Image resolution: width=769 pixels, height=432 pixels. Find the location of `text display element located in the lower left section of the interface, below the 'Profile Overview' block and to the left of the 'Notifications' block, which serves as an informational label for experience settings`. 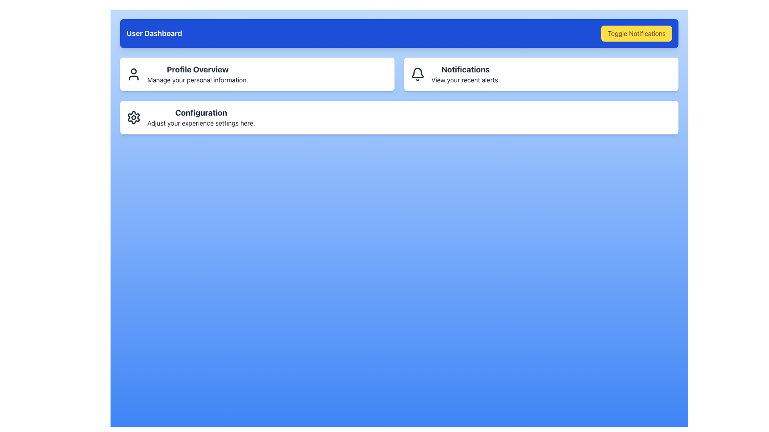

text display element located in the lower left section of the interface, below the 'Profile Overview' block and to the left of the 'Notifications' block, which serves as an informational label for experience settings is located at coordinates (201, 117).